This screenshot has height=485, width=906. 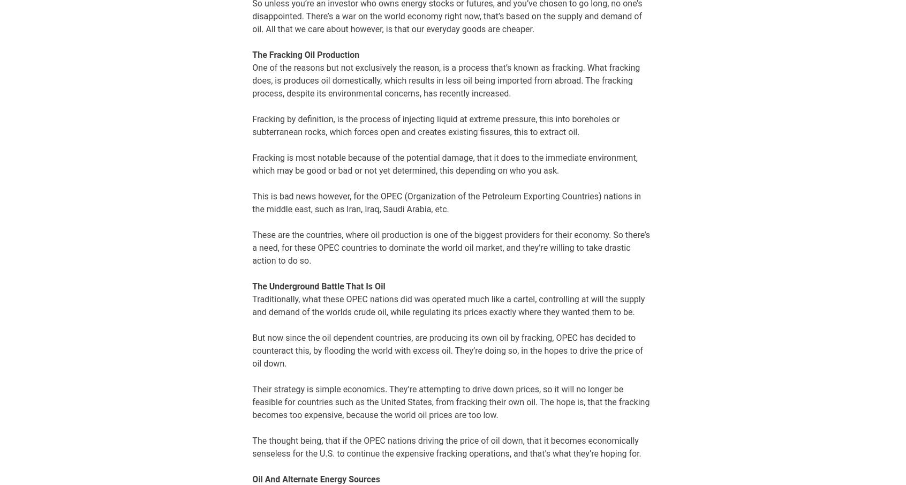 I want to click on 'The Fracking Oil Production', so click(x=305, y=54).